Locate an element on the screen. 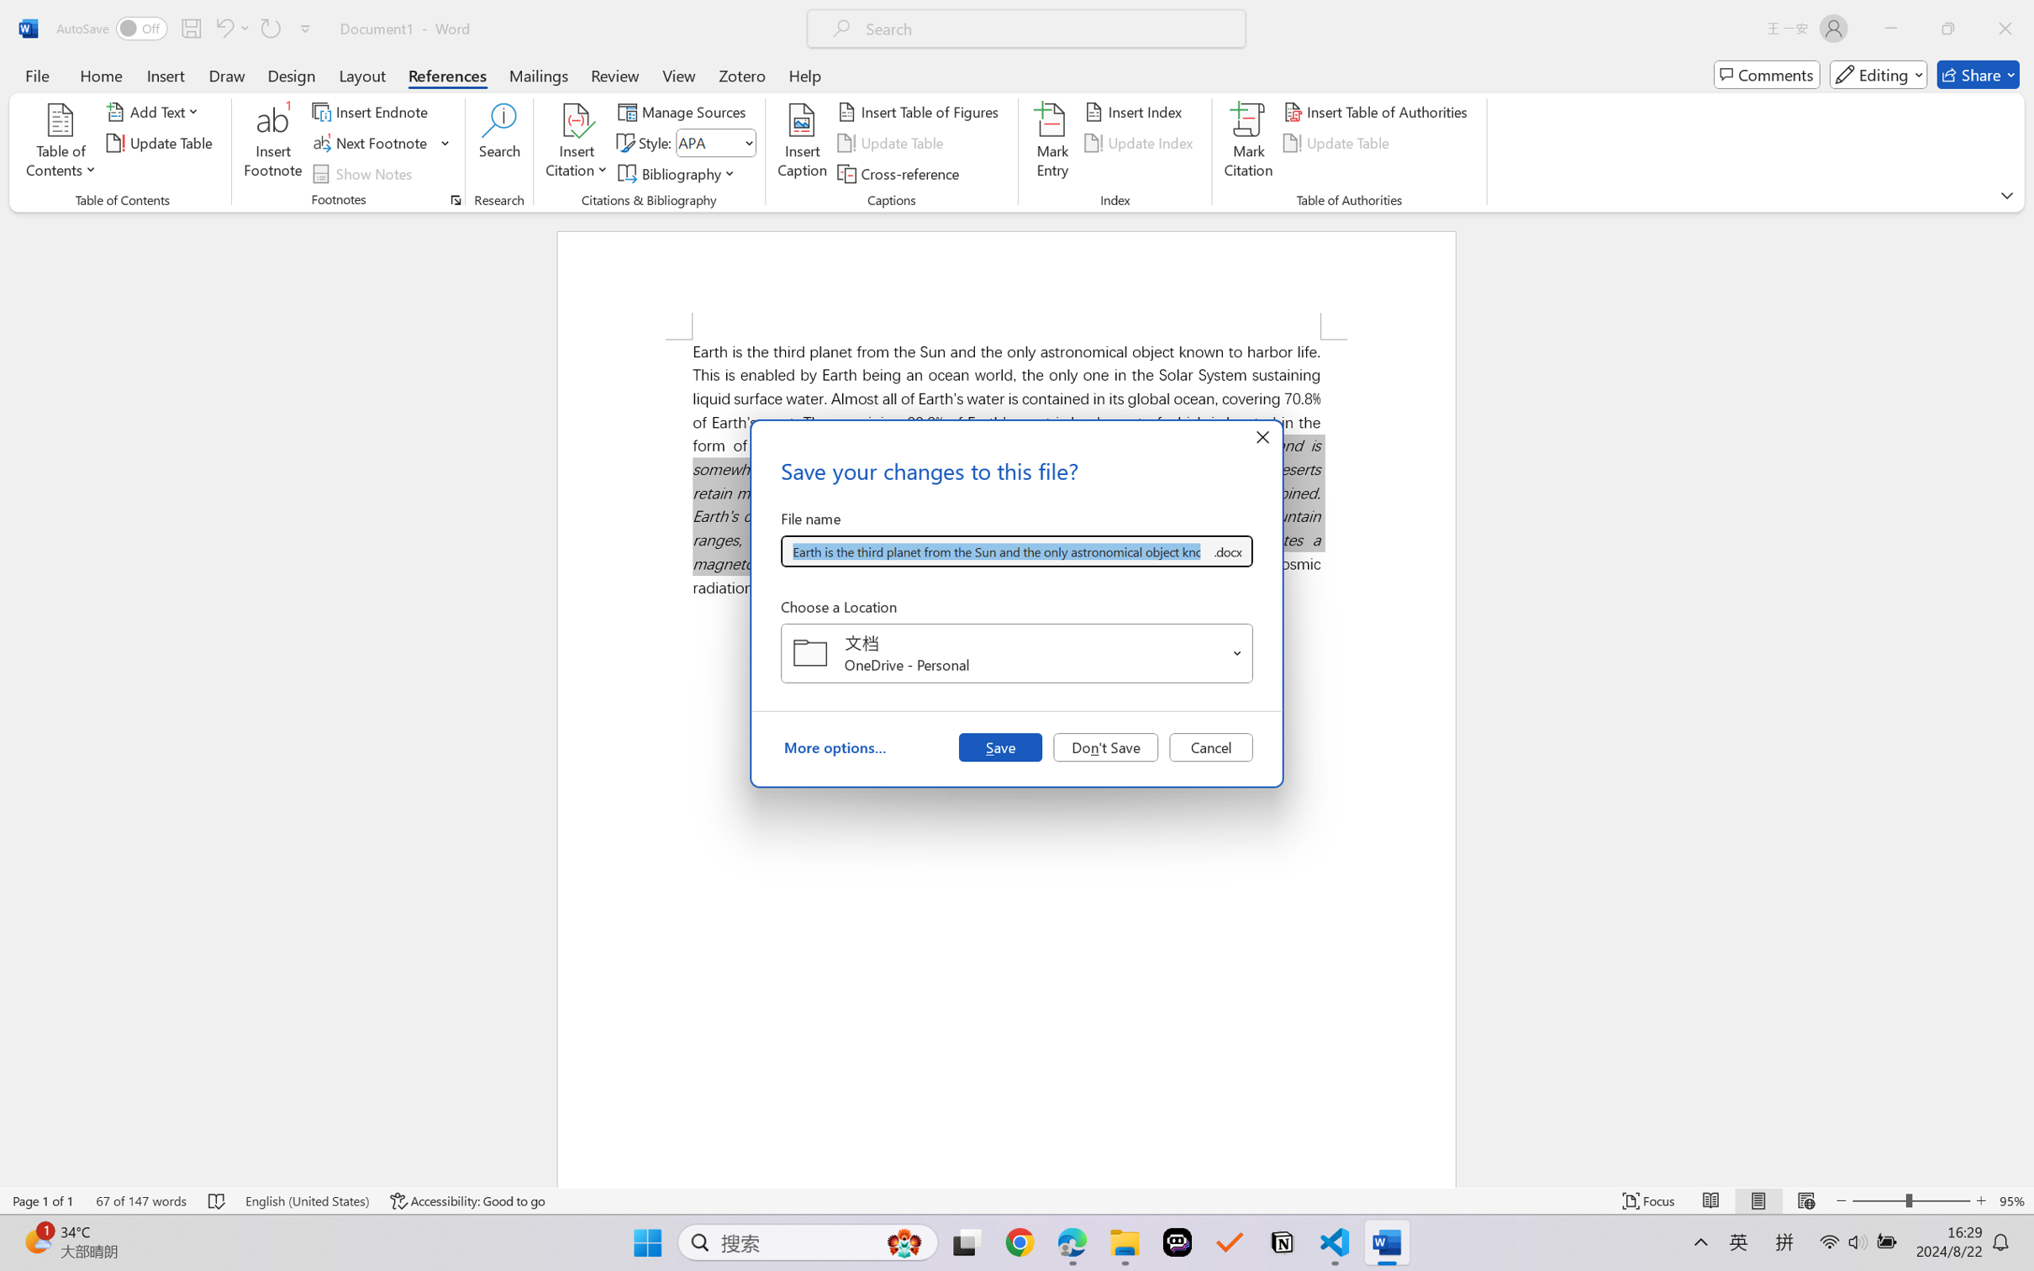 The image size is (2034, 1271). 'Microsoft search' is located at coordinates (1047, 28).